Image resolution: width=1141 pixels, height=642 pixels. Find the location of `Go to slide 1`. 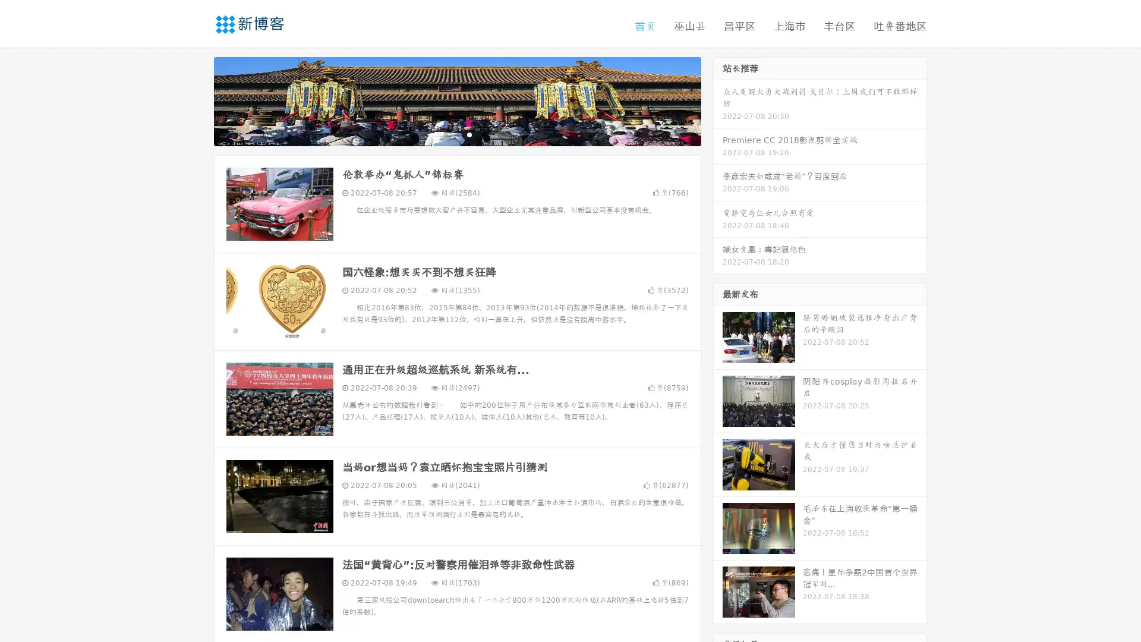

Go to slide 1 is located at coordinates (445, 134).